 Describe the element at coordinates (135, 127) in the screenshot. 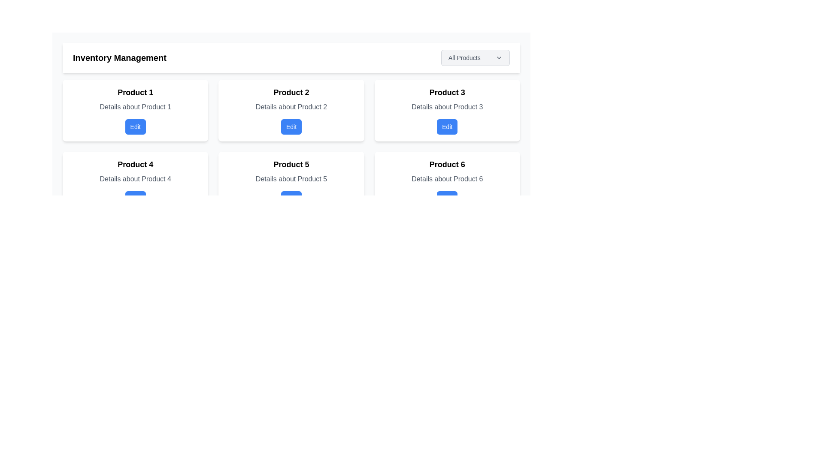

I see `the 'Edit' button, a small rectangular button with rounded corners in bold blue, located within the 'Product 1' card` at that location.